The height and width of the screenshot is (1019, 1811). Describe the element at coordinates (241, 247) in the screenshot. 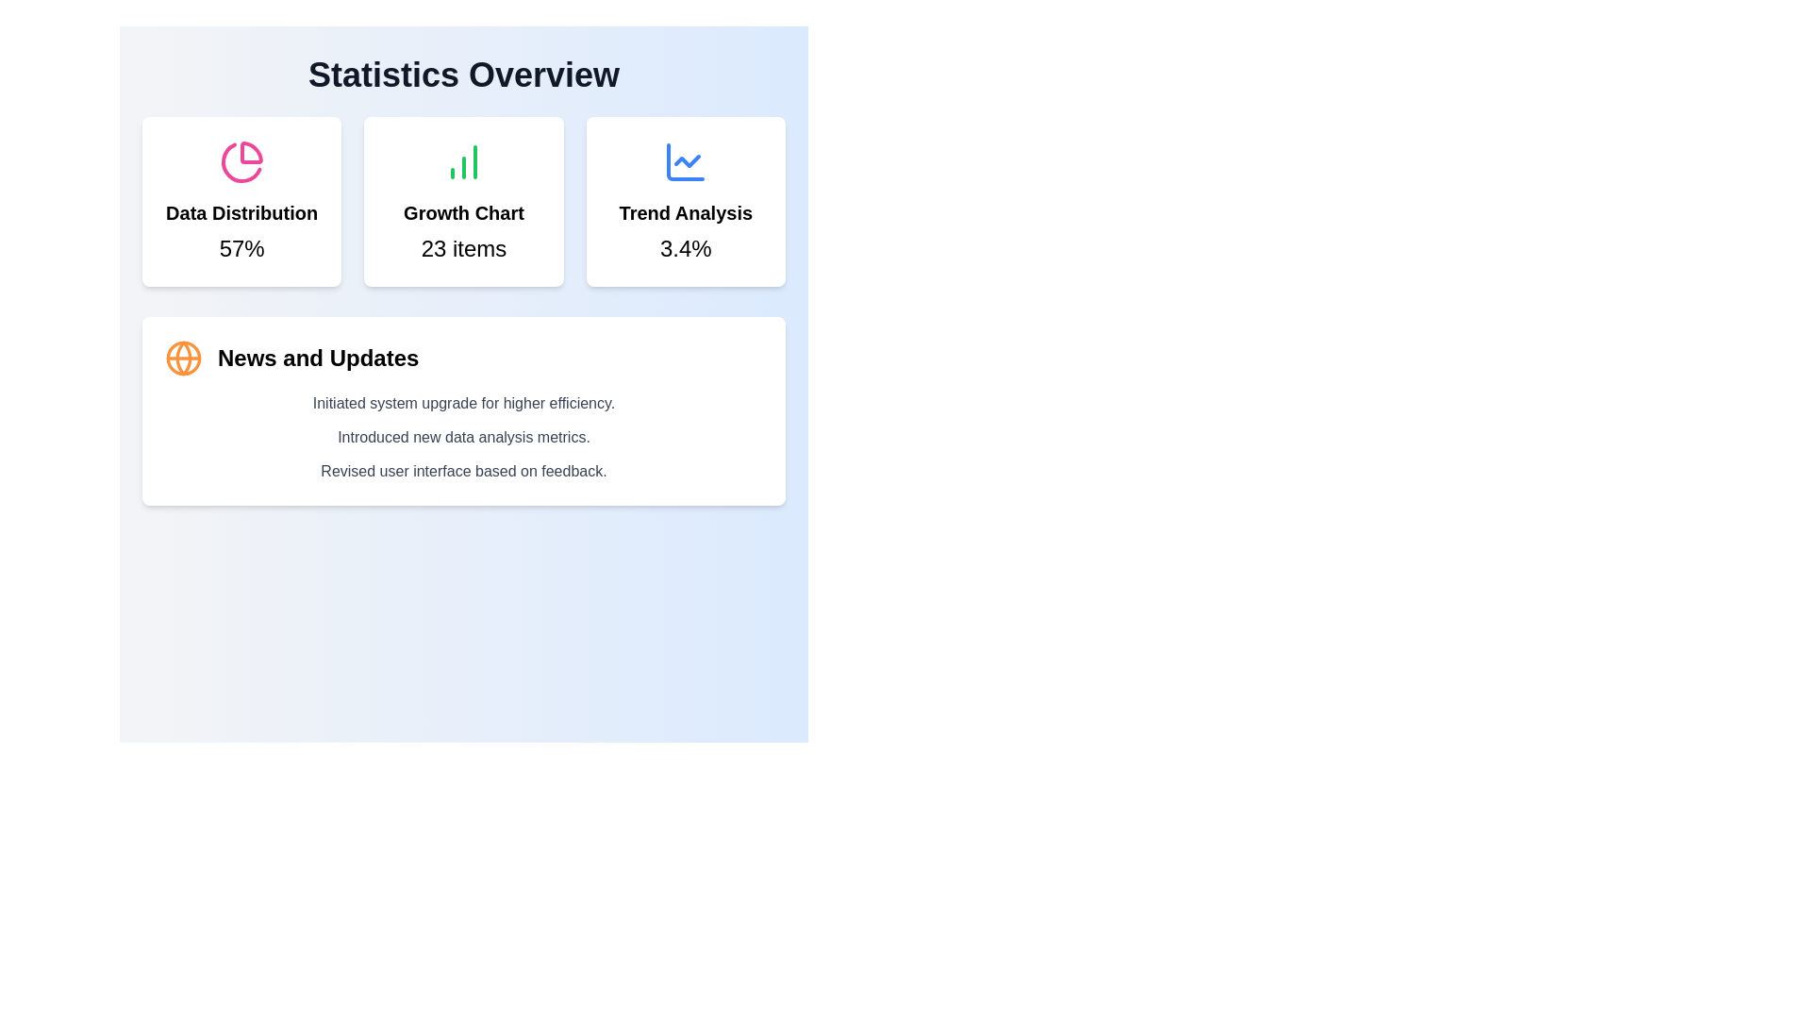

I see `displayed percentage '57%' from the numerical text element located under the 'Data Distribution' label` at that location.